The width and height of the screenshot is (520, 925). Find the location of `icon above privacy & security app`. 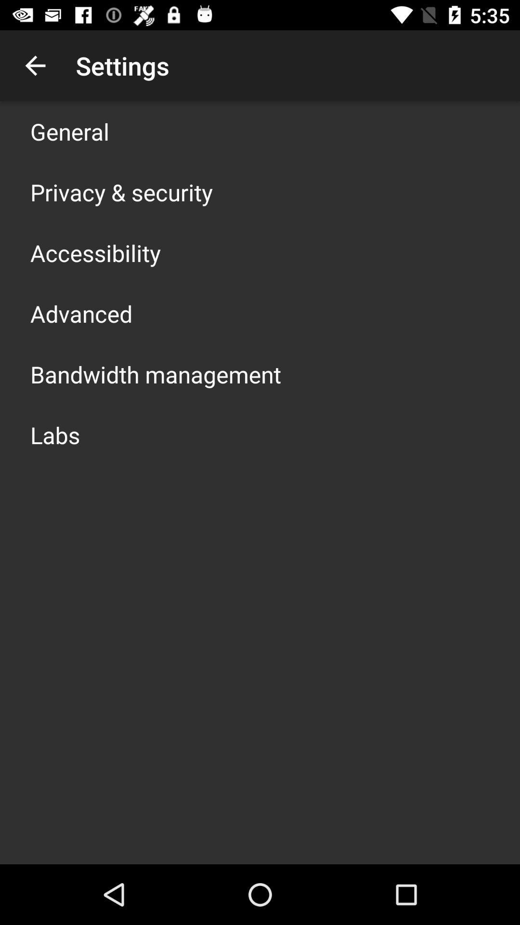

icon above privacy & security app is located at coordinates (69, 131).